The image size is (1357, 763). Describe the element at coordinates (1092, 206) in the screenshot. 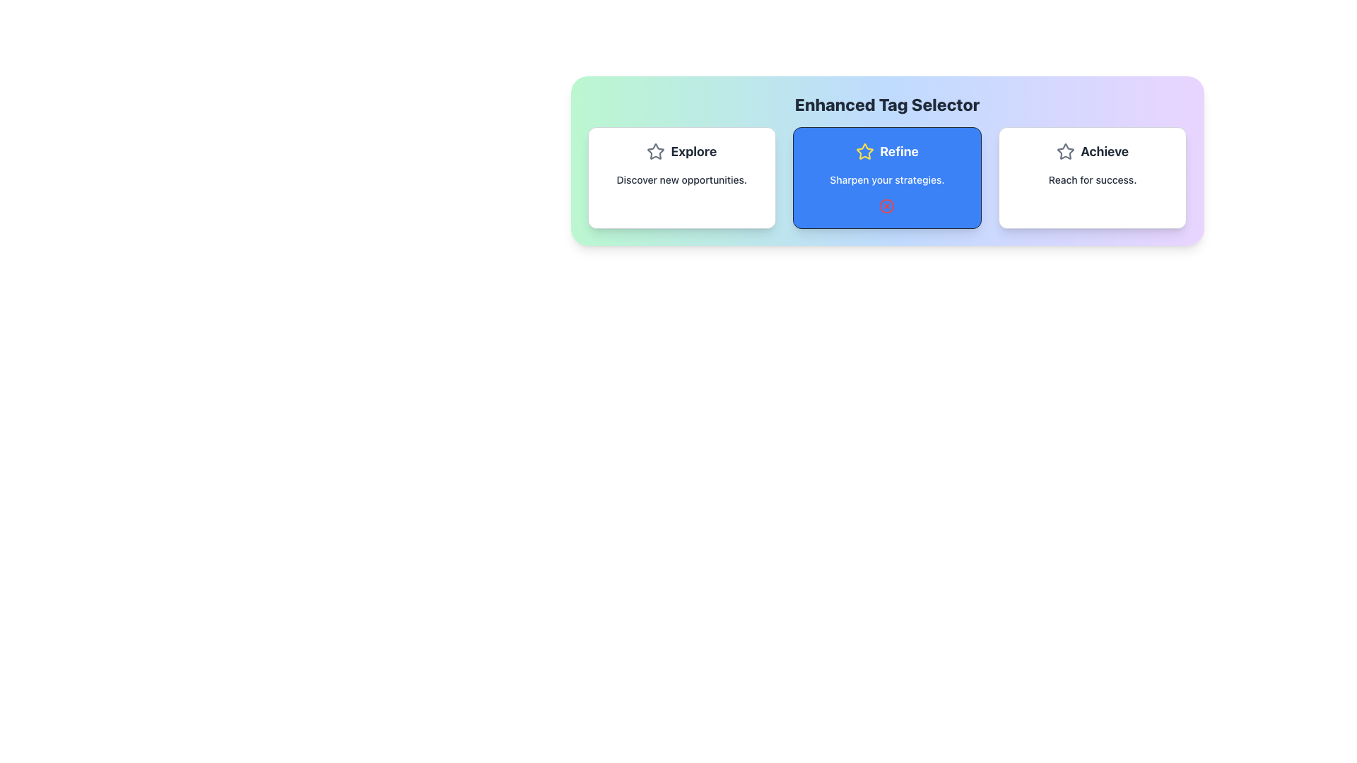

I see `properties of the Circle shape SVG element located in the rightmost card of the 'Achieve' group under the 'Enhanced Tag Selector'` at that location.